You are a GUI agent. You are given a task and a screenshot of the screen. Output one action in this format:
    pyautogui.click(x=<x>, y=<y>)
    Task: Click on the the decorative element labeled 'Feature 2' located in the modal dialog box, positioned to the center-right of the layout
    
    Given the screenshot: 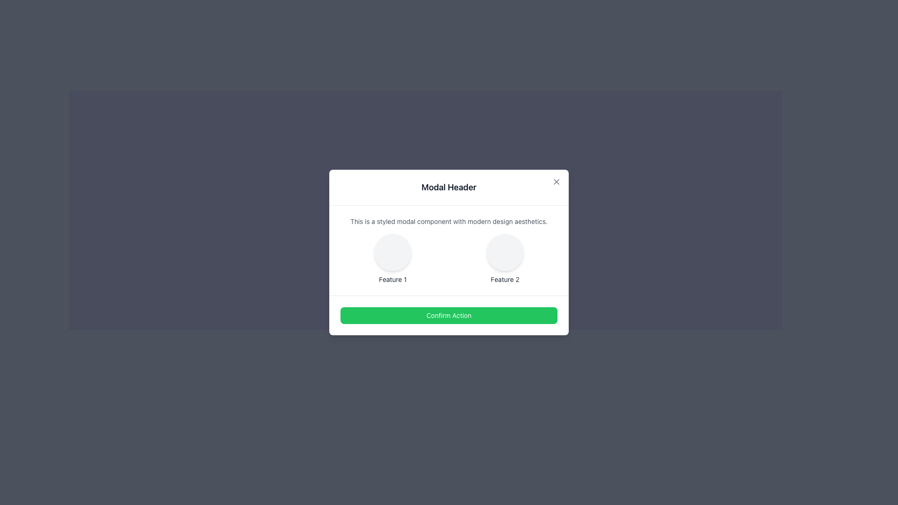 What is the action you would take?
    pyautogui.click(x=505, y=252)
    